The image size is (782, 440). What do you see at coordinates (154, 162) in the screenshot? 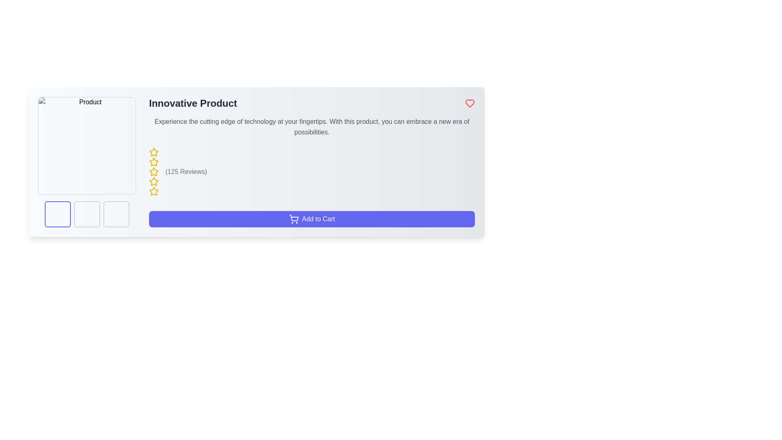
I see `the second yellow star icon in the rating system, located next to the text 'Innovative Product'` at bounding box center [154, 162].